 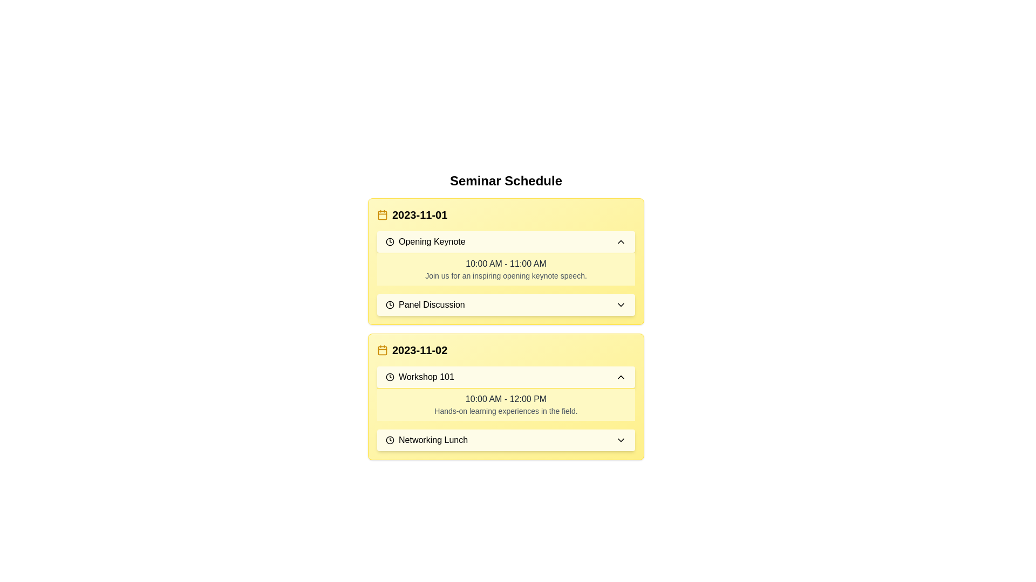 I want to click on the date-related icon located on the upper left-hand side of the date heading '2023-11-01' within the yellow highlighted block, so click(x=383, y=214).